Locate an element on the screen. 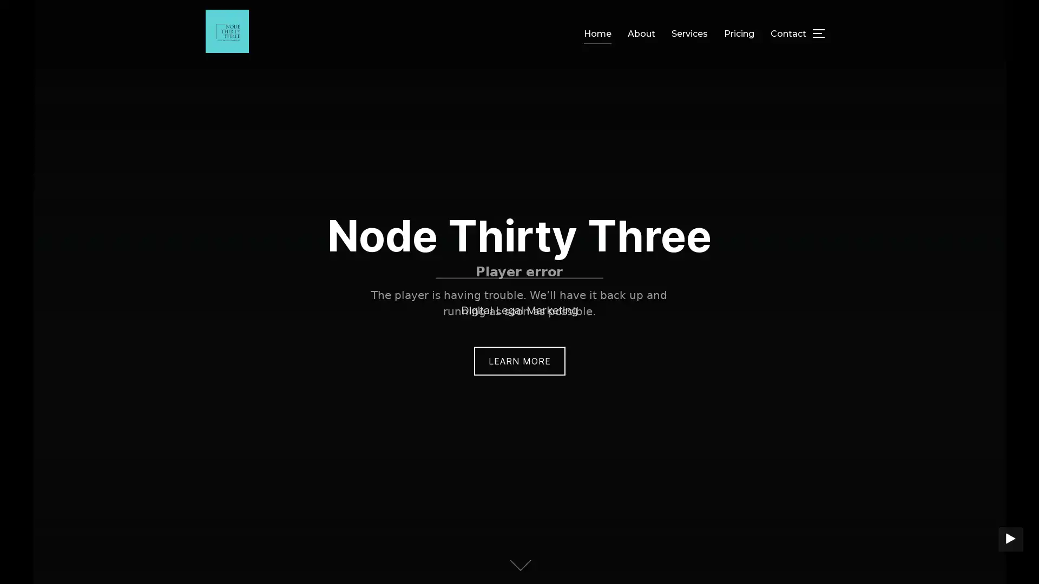 The width and height of the screenshot is (1039, 584). PLAY BACKGROUND VIDEO is located at coordinates (1010, 539).